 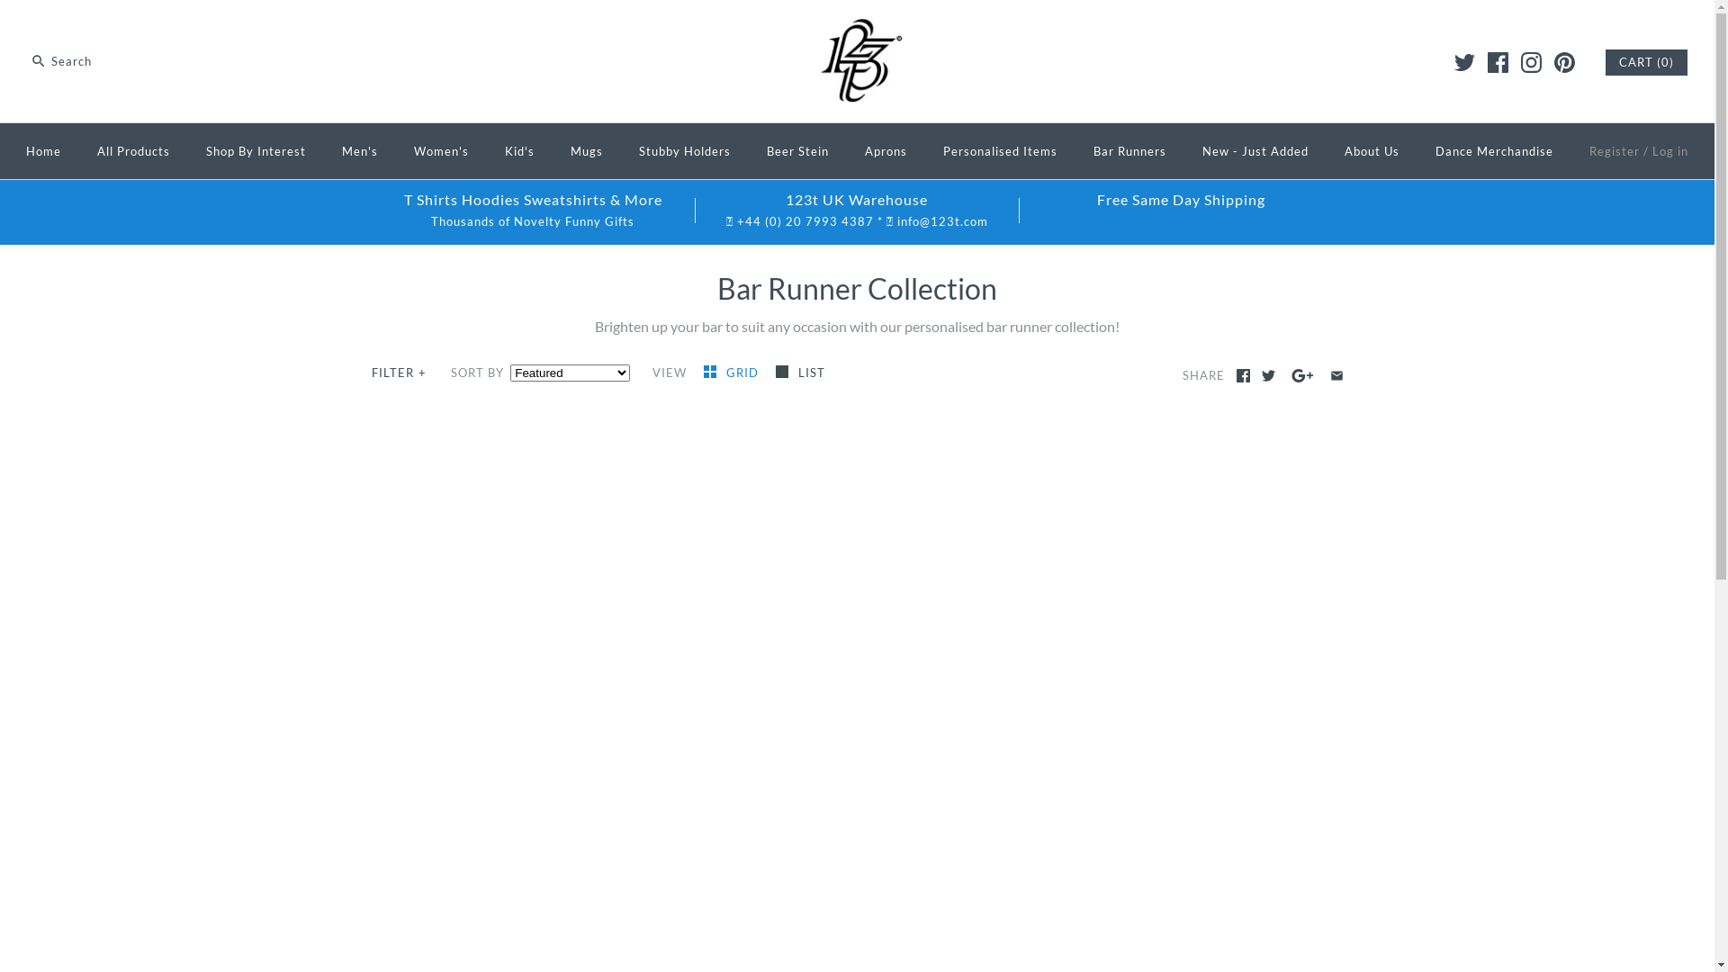 What do you see at coordinates (684, 150) in the screenshot?
I see `'Stubby Holders'` at bounding box center [684, 150].